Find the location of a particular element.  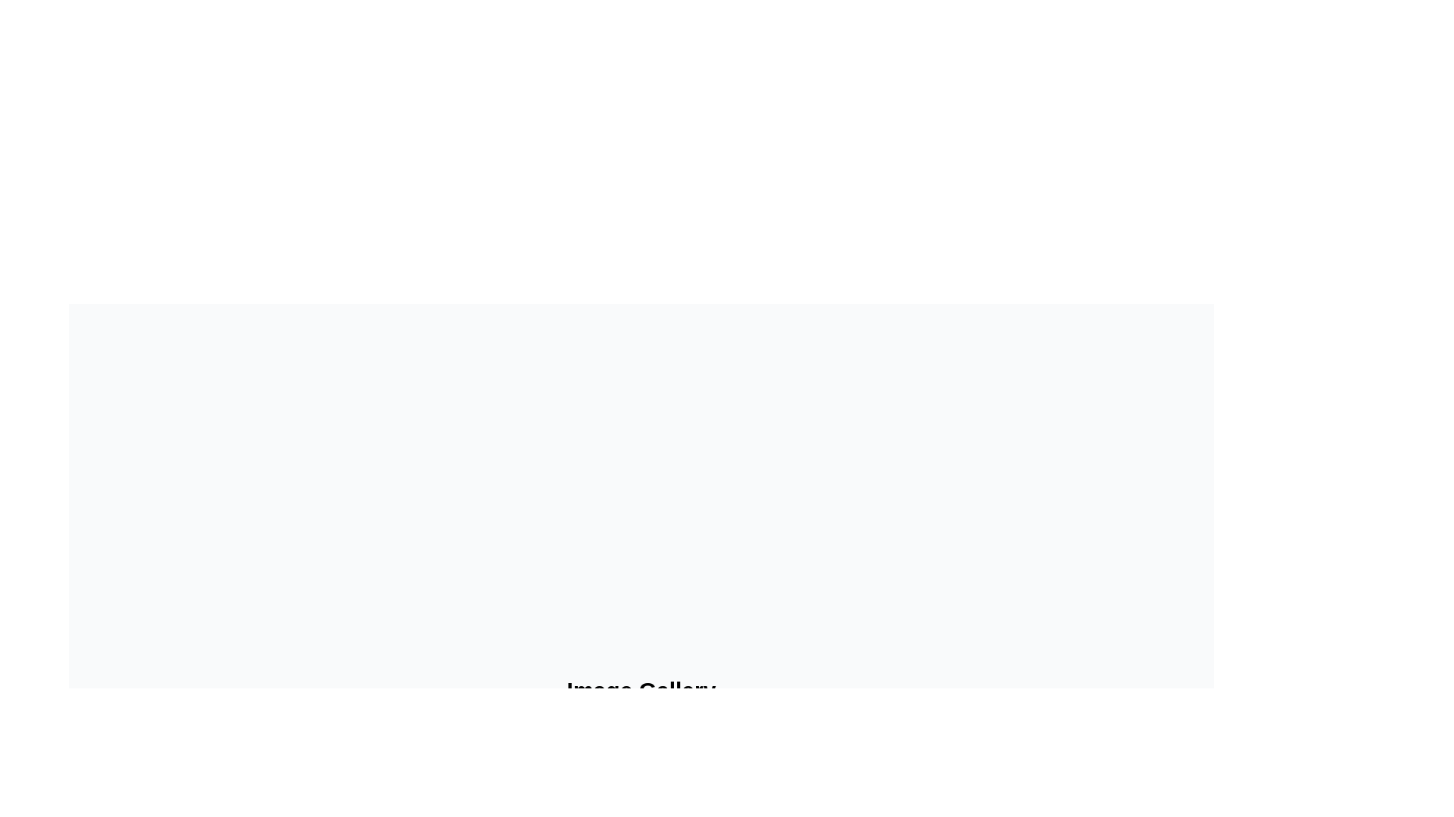

the text label that serves as the header for the image gallery, positioned at the top-center of the interface is located at coordinates (641, 691).